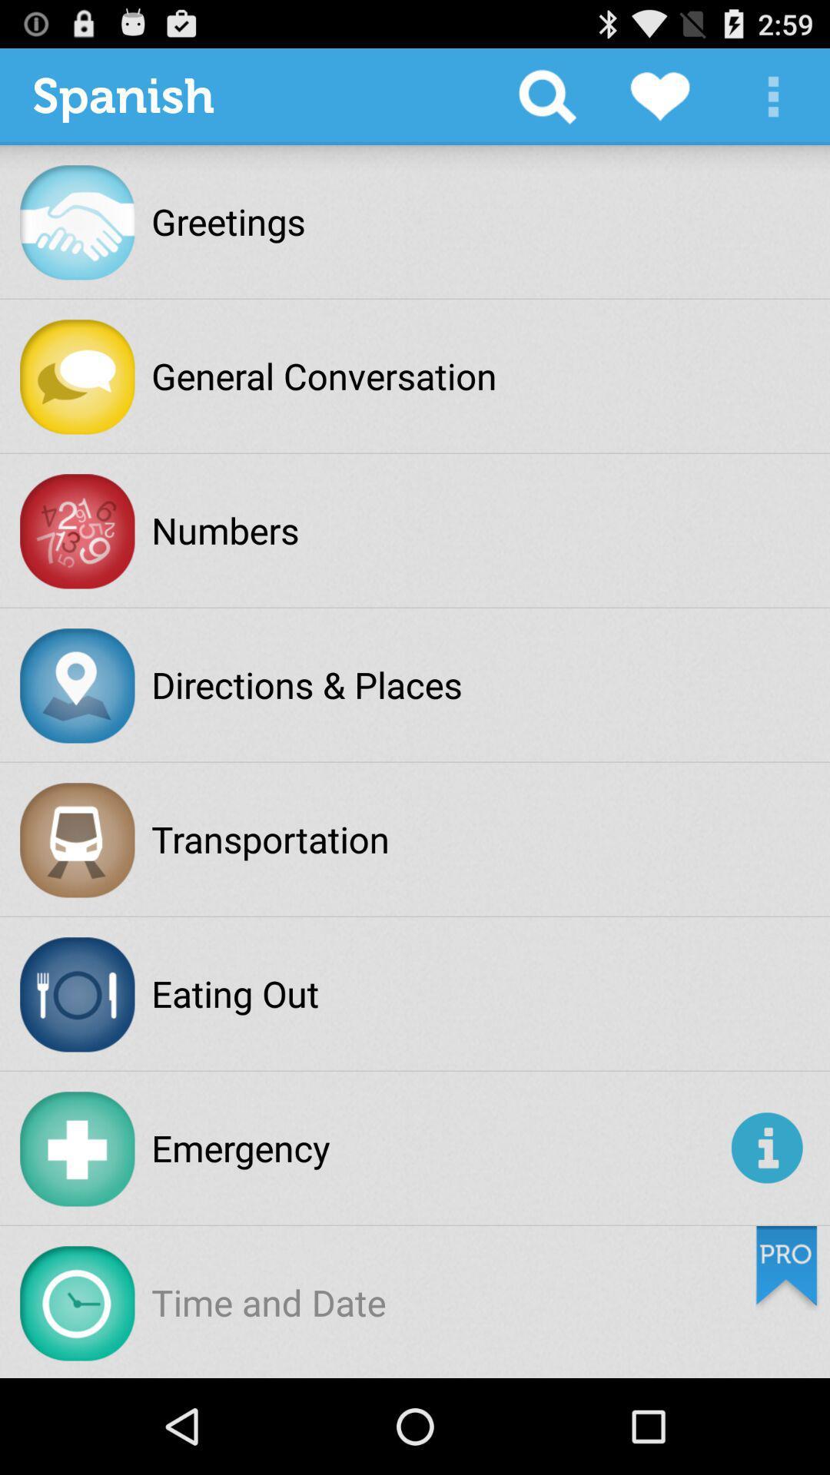 The width and height of the screenshot is (830, 1475). Describe the element at coordinates (267, 1301) in the screenshot. I see `the time and date item` at that location.